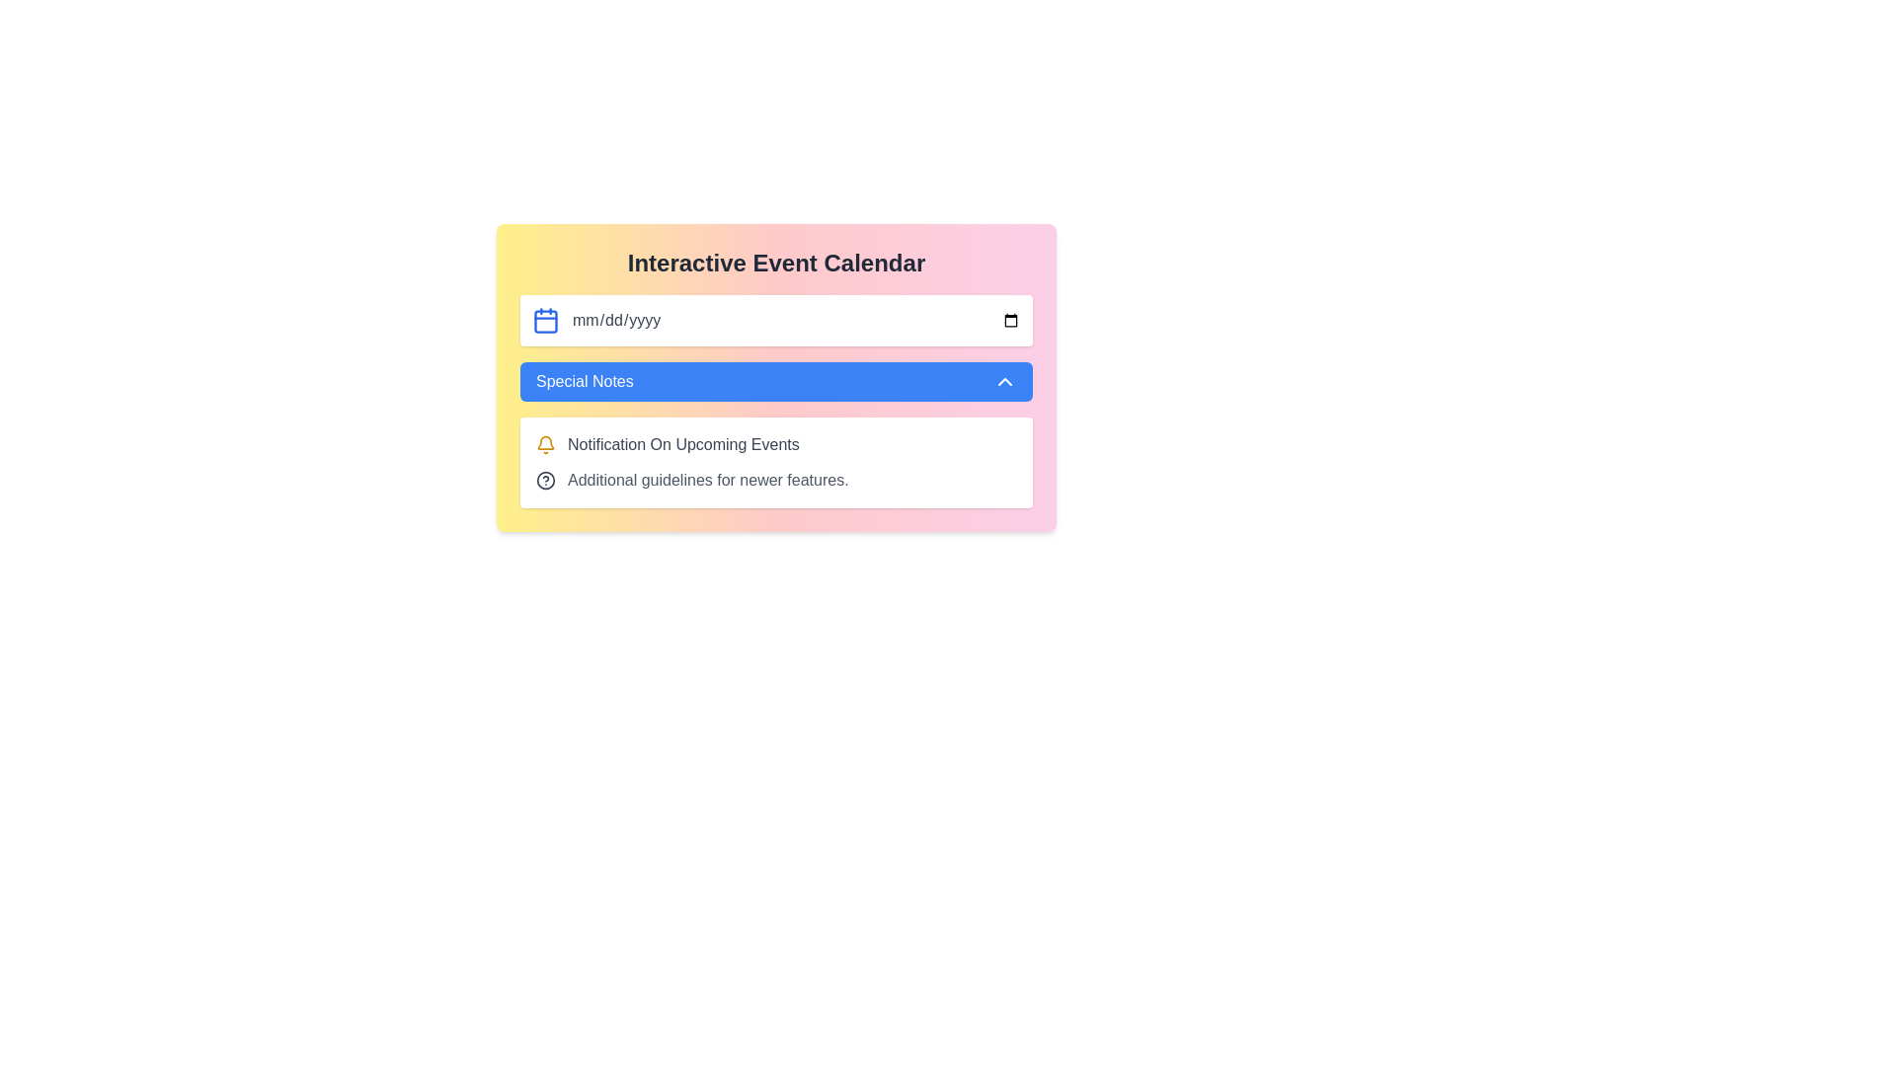 Image resolution: width=1896 pixels, height=1066 pixels. Describe the element at coordinates (545, 445) in the screenshot. I see `the notification icon located to the left of the text 'Notification On Upcoming Events', which indicates active notifications related to events` at that location.